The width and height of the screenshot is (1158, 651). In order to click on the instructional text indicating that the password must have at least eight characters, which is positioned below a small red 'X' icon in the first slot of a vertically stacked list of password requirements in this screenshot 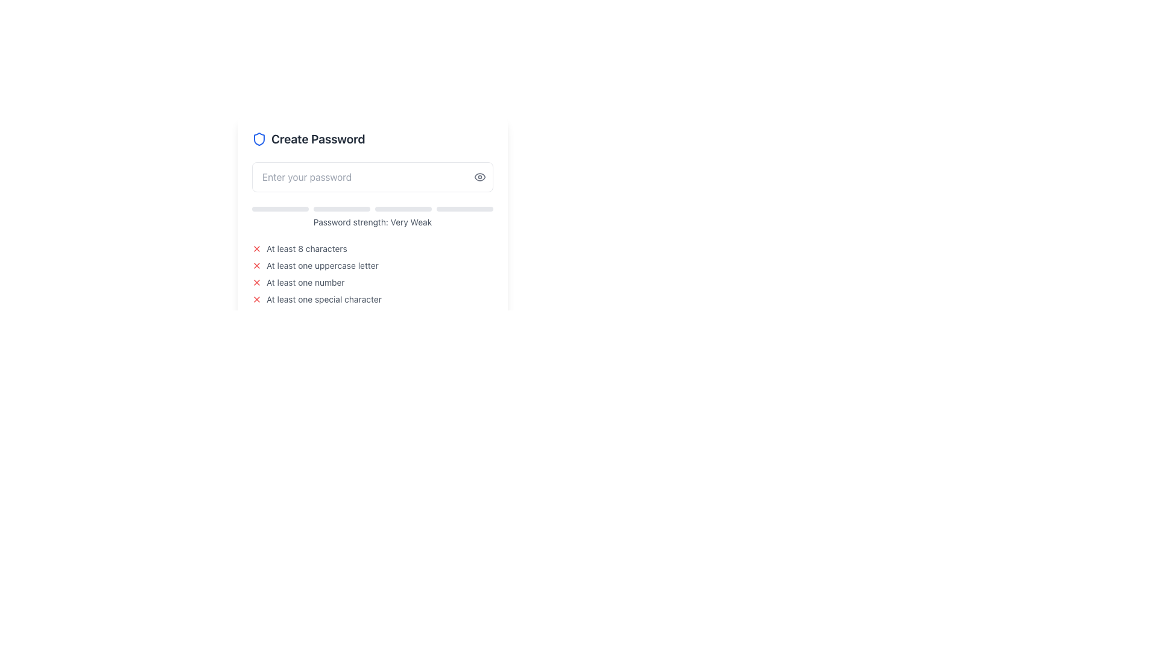, I will do `click(306, 248)`.